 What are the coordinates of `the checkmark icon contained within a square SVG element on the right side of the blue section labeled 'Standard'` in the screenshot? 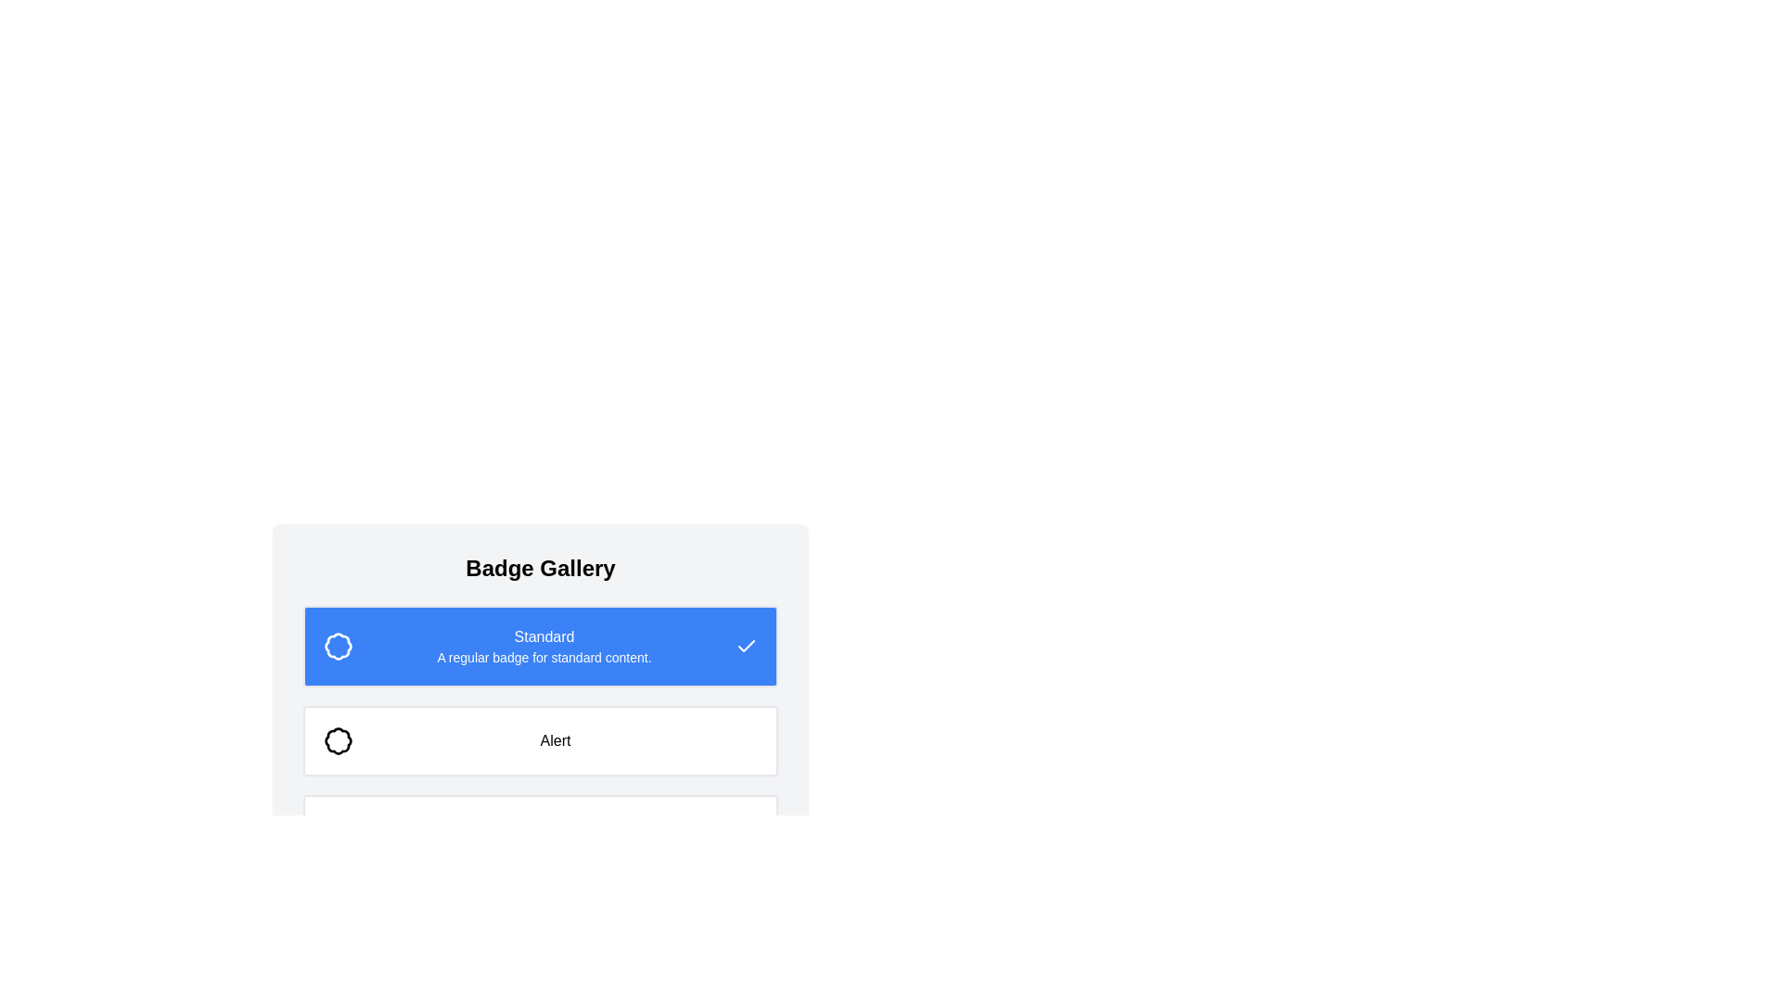 It's located at (747, 646).